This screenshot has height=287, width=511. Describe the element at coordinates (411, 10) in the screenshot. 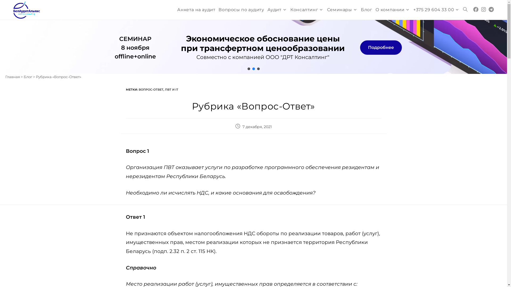

I see `'+375 29 604 33 00'` at that location.